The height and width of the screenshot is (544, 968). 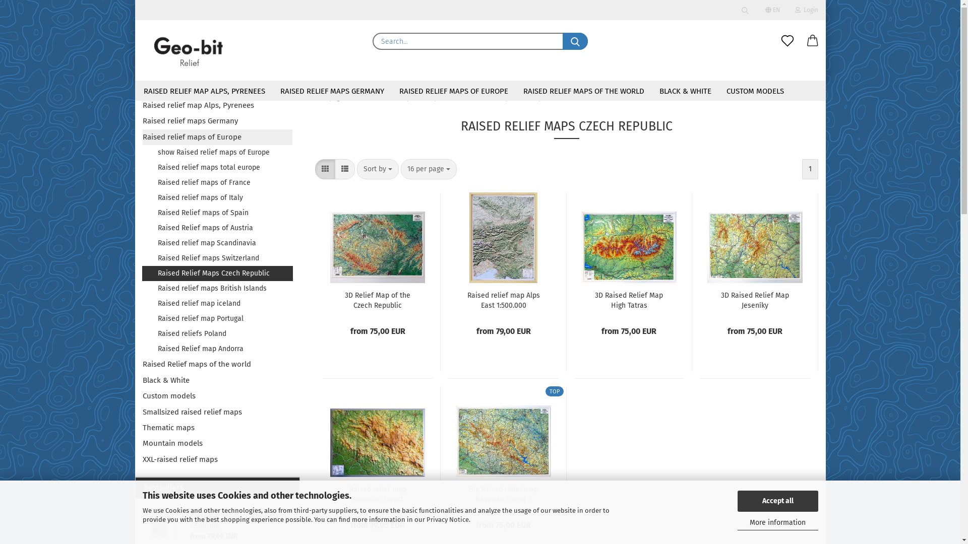 What do you see at coordinates (217, 243) in the screenshot?
I see `'Raised relief map Scandinavia'` at bounding box center [217, 243].